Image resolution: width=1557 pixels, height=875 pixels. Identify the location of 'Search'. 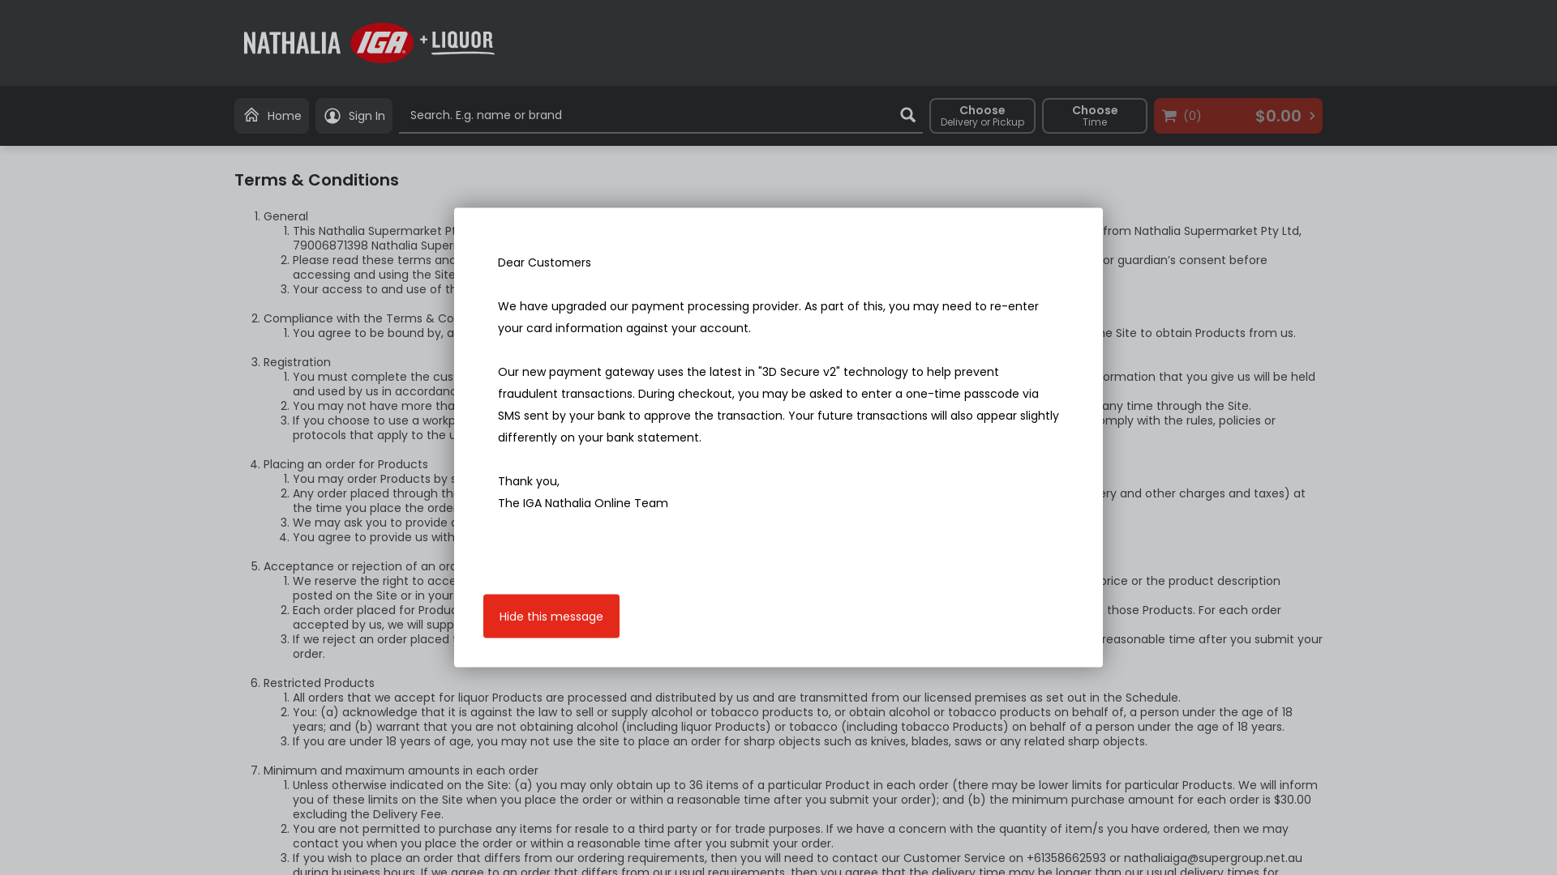
(907, 114).